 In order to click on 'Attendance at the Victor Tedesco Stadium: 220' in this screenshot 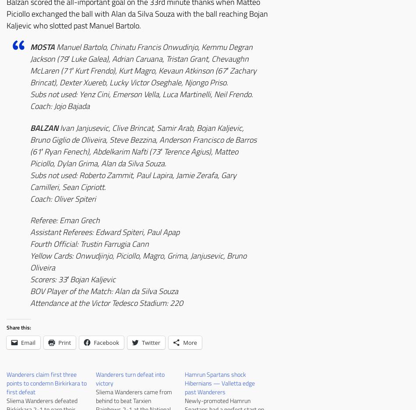, I will do `click(30, 303)`.